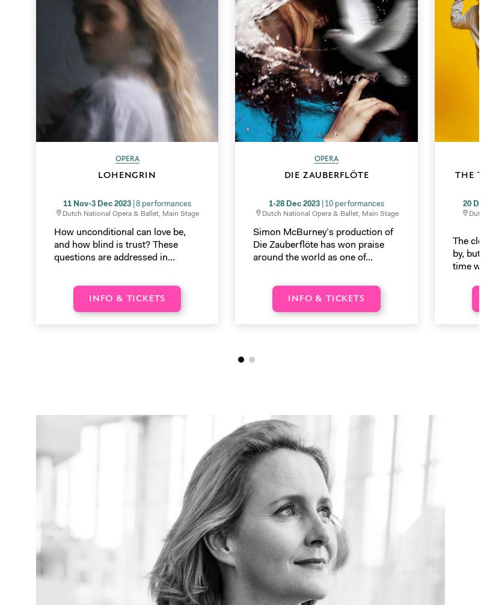 This screenshot has height=605, width=481. What do you see at coordinates (262, 305) in the screenshot?
I see `'Concert'` at bounding box center [262, 305].